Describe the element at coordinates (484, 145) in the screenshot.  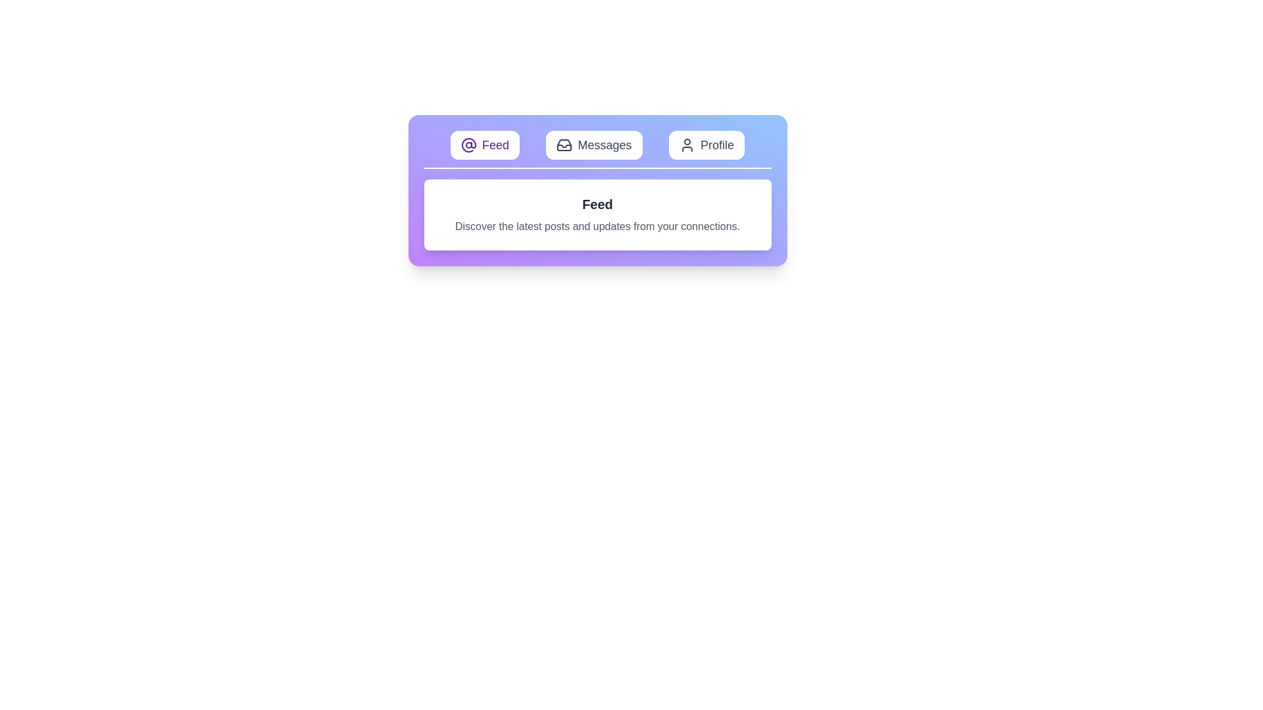
I see `the Feed tab` at that location.